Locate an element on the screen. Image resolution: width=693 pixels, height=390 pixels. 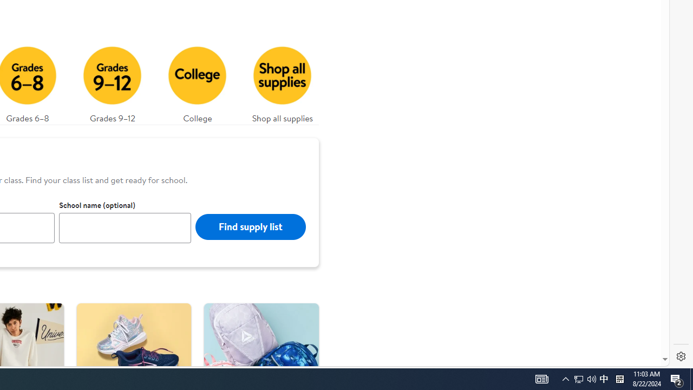
'College' is located at coordinates (197, 81).